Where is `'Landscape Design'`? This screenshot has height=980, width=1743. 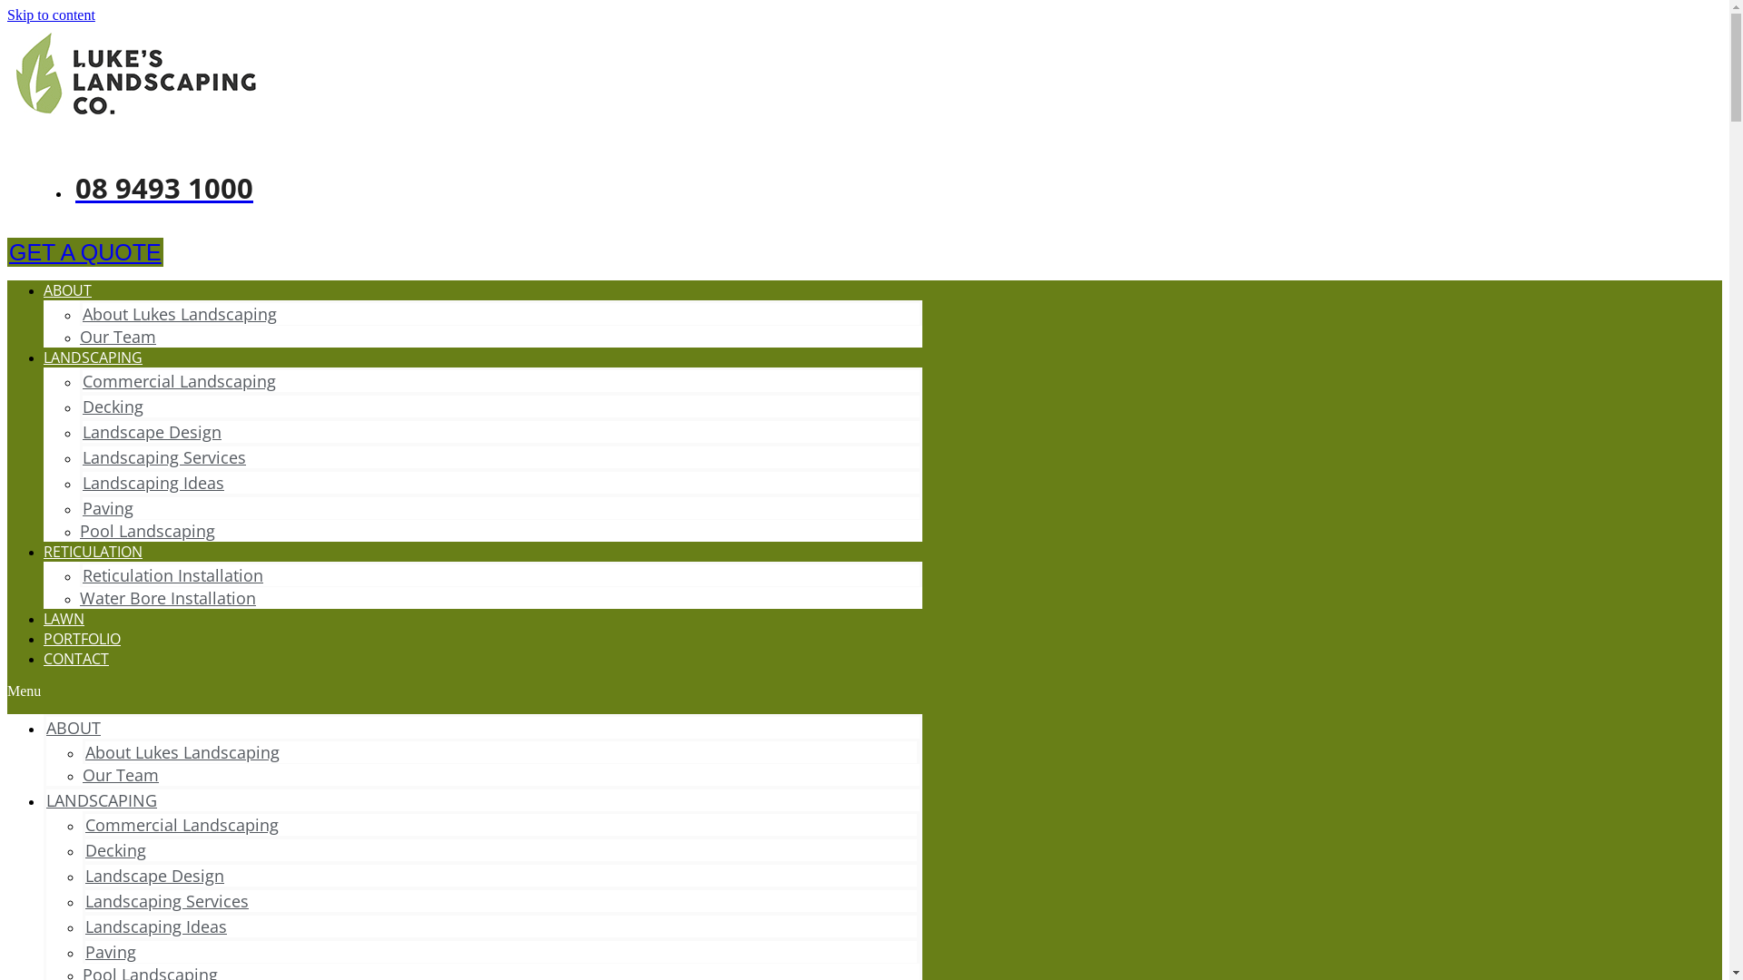
'Landscape Design' is located at coordinates (154, 874).